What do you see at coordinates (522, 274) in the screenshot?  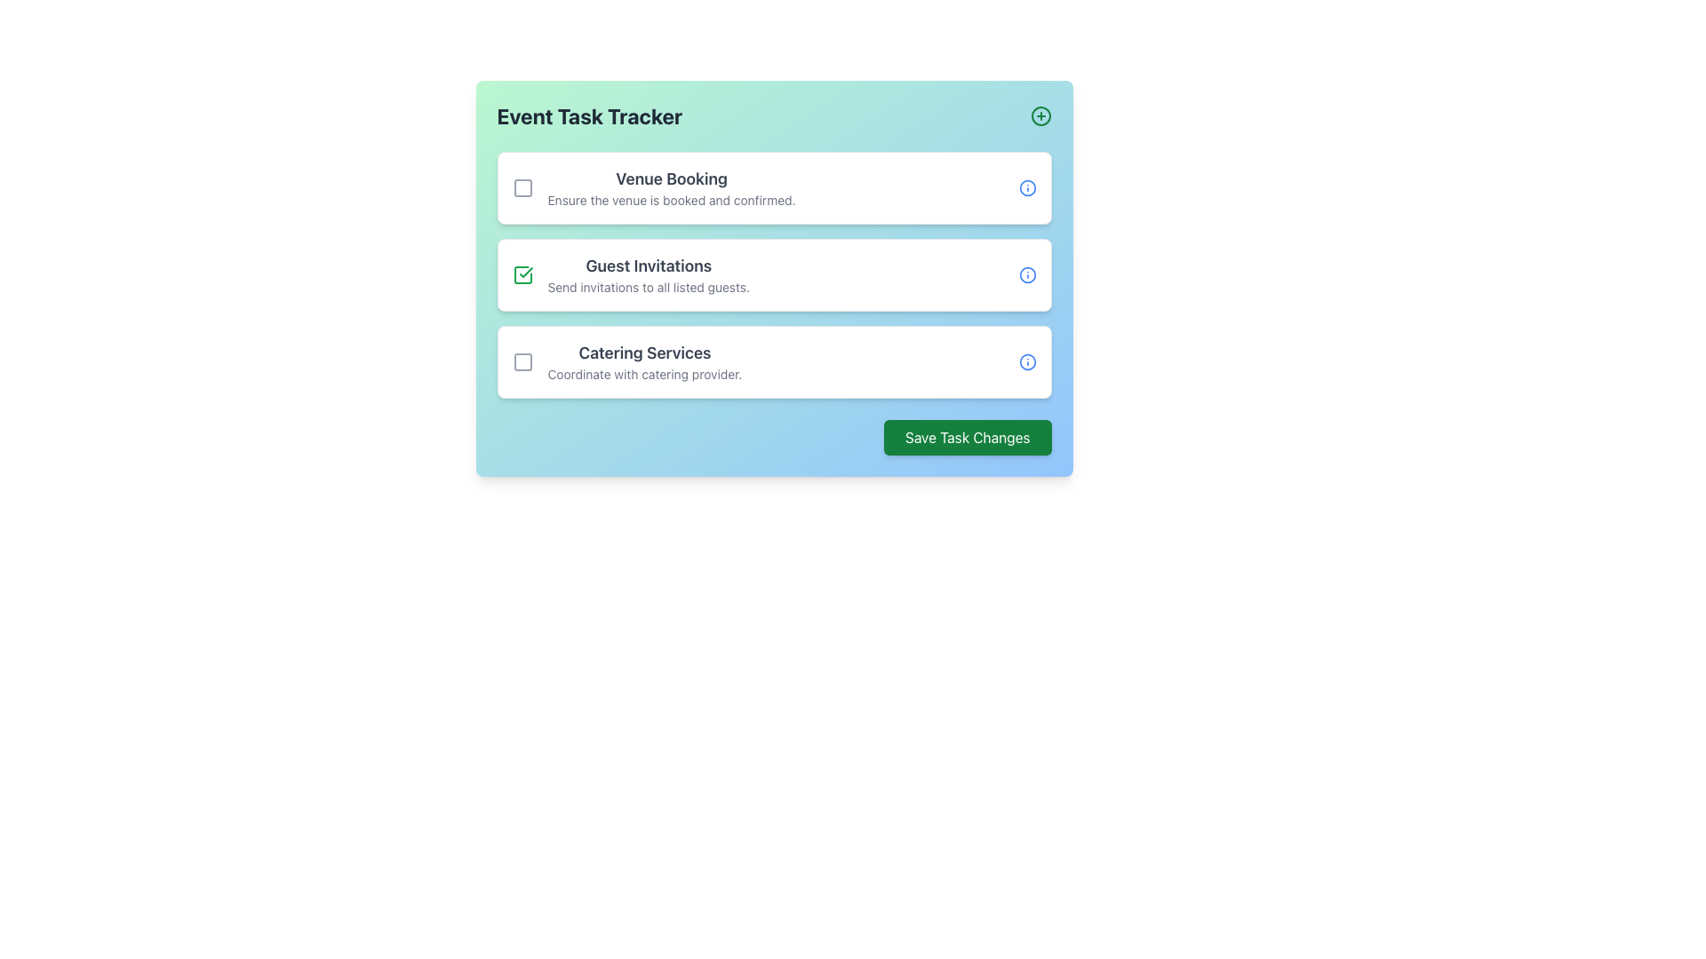 I see `the green checkbox icon with a checkmark inside it, which is the second in the list of tasks under 'Guest Invitations'` at bounding box center [522, 274].